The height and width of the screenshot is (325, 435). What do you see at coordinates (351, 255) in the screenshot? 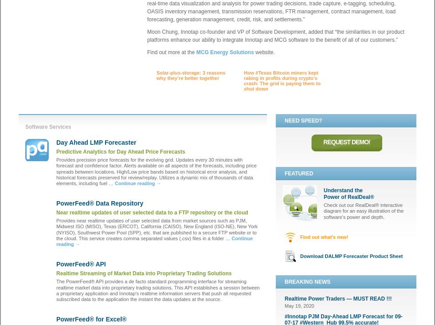
I see `'Download DALMP Forecaster Product Sheet'` at bounding box center [351, 255].